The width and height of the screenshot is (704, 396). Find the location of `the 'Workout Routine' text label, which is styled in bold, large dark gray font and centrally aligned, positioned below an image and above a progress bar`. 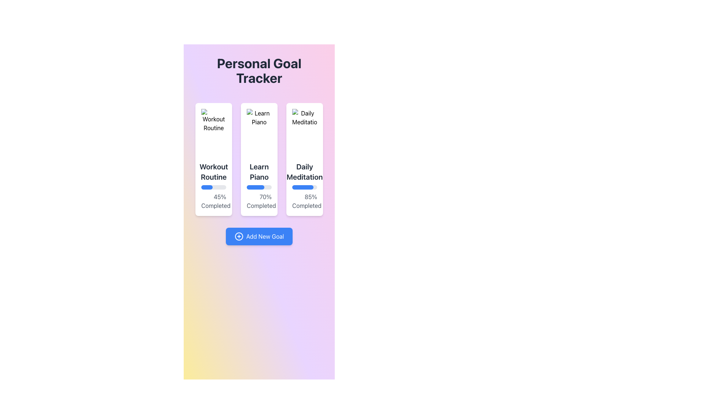

the 'Workout Routine' text label, which is styled in bold, large dark gray font and centrally aligned, positioned below an image and above a progress bar is located at coordinates (213, 172).